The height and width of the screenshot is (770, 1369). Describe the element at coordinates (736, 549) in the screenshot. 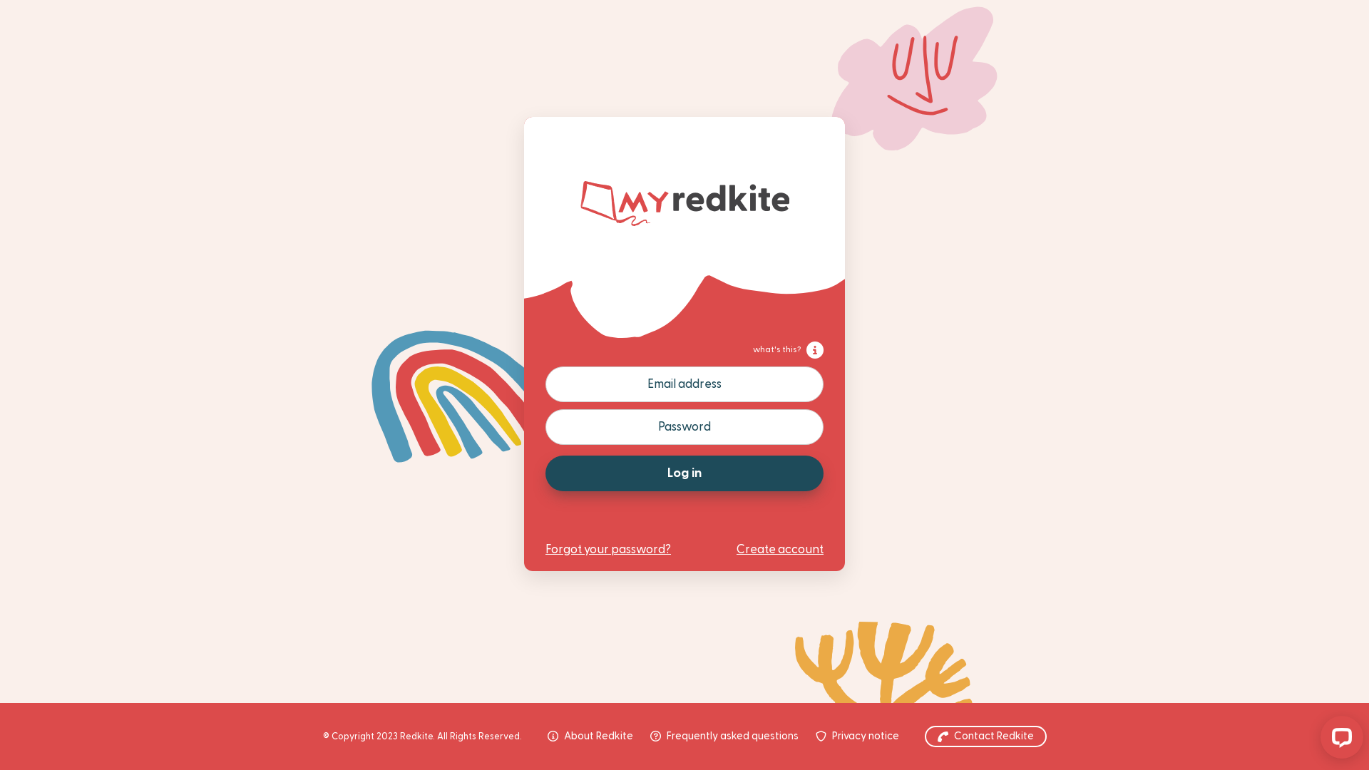

I see `'Create account'` at that location.